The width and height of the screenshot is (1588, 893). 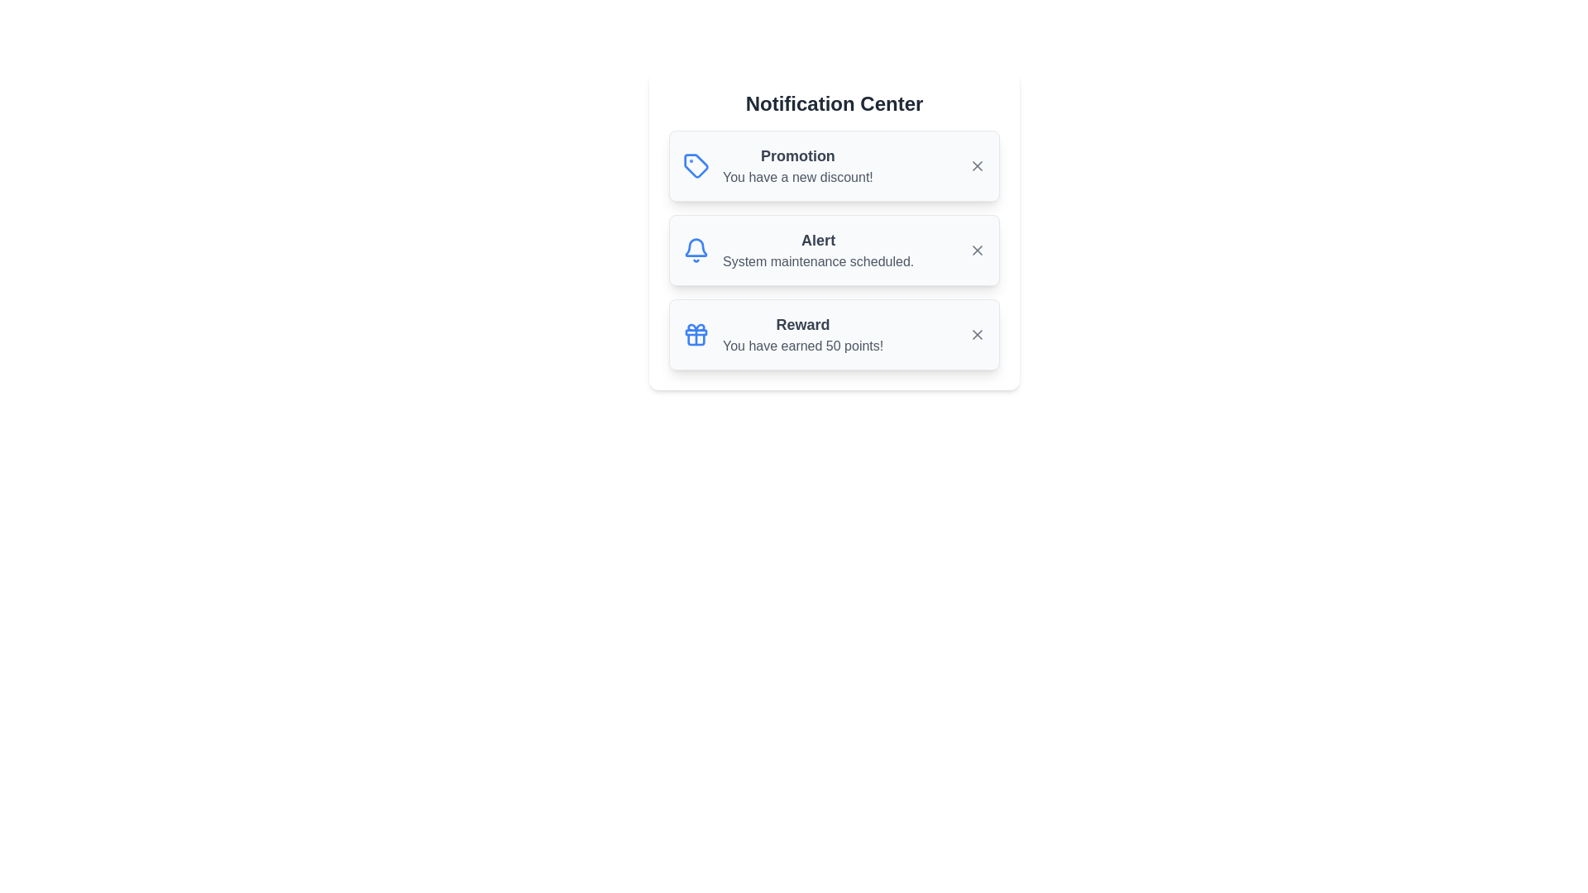 I want to click on the promotion notification icon located to the left of the text content within the 'Promotion' notification card, so click(x=696, y=165).